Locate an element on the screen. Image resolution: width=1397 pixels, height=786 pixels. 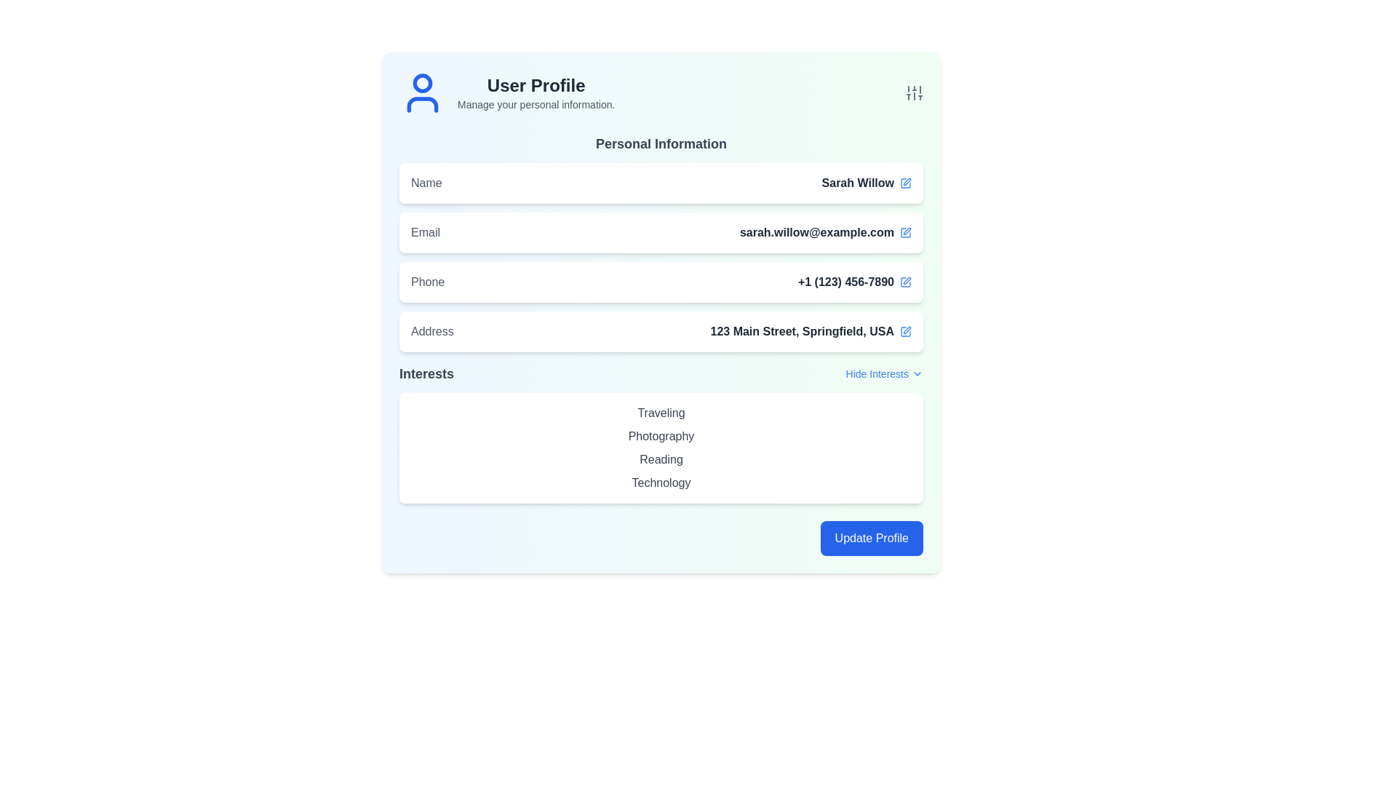
the small vector graphic icon depicting a pen over a square, which represents the editing action, located to the right of the 'Name' text field is located at coordinates (907, 181).